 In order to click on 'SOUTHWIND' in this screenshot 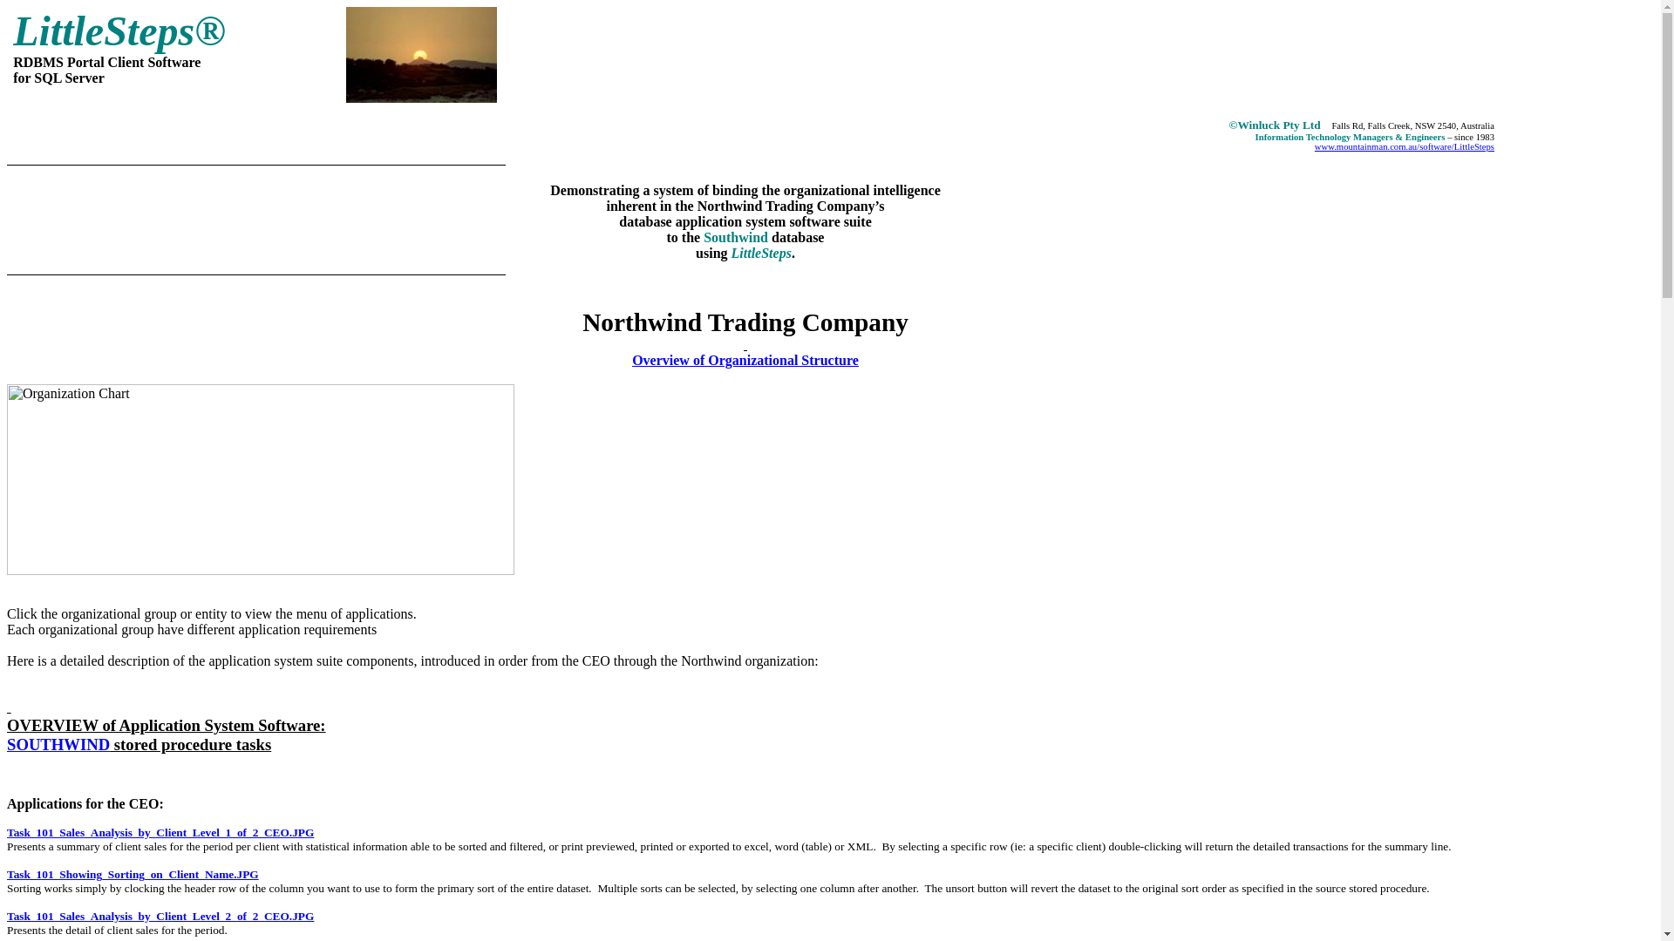, I will do `click(7, 744)`.